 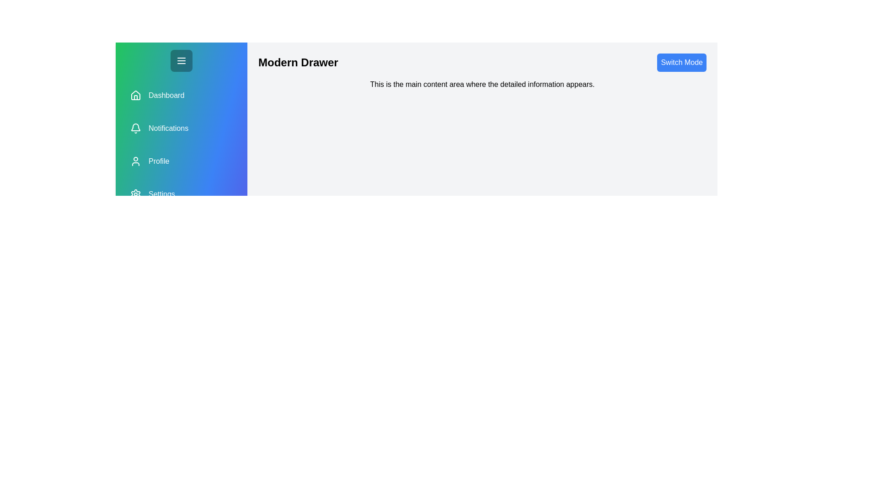 I want to click on the section Notifications in the drawer, so click(x=182, y=129).